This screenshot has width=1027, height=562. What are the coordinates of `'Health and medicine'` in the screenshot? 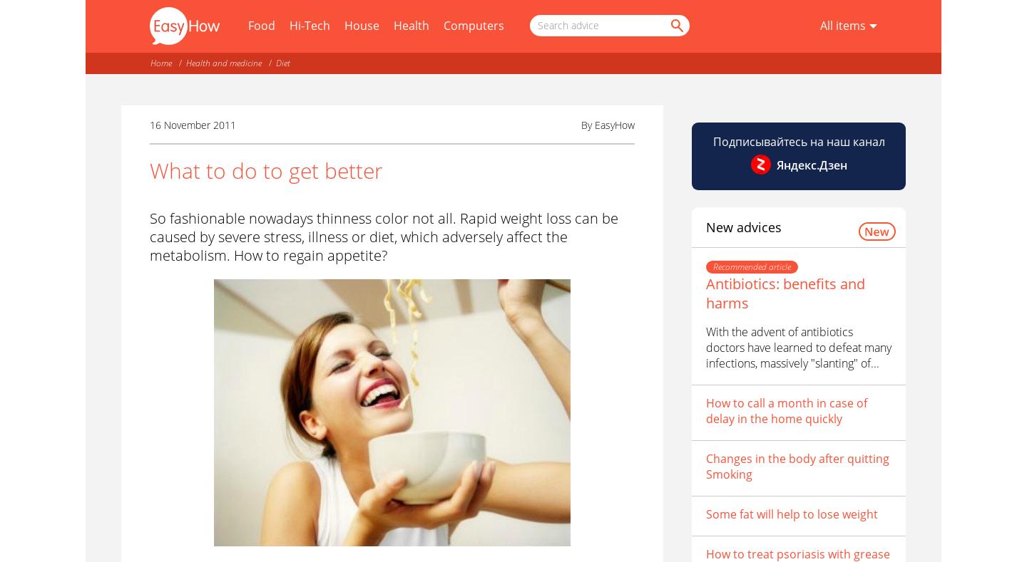 It's located at (224, 63).